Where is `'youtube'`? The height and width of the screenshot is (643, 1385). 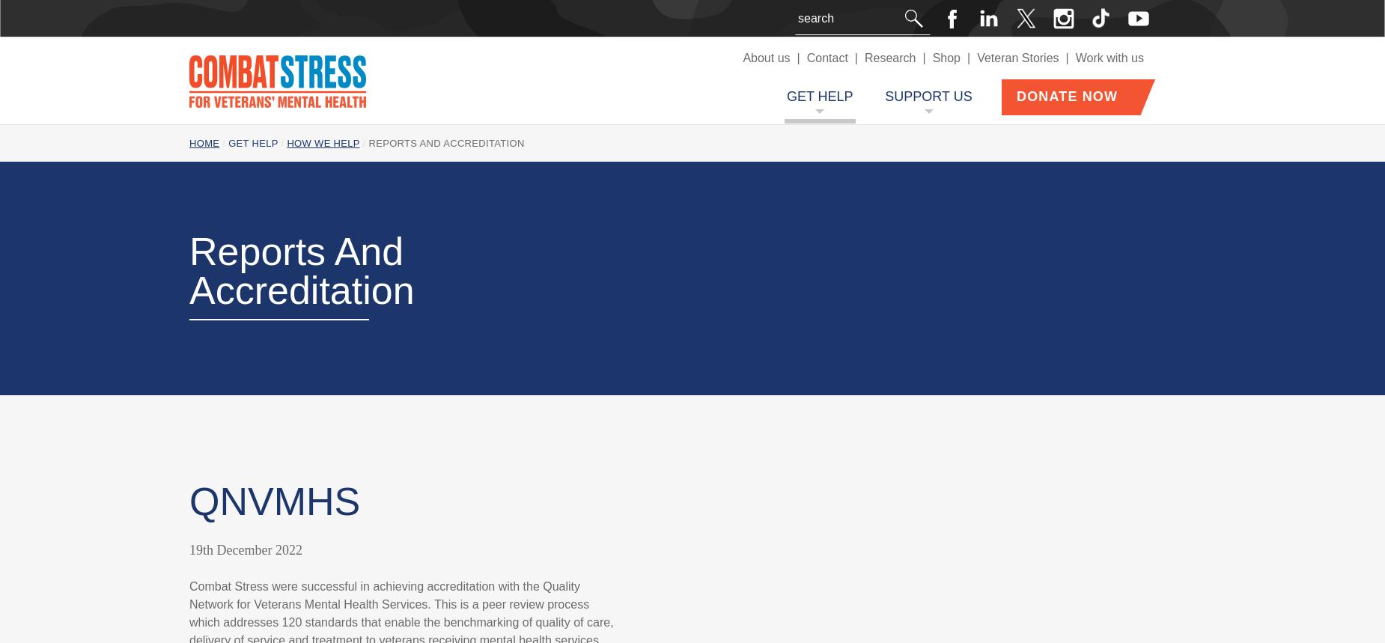 'youtube' is located at coordinates (1178, 19).